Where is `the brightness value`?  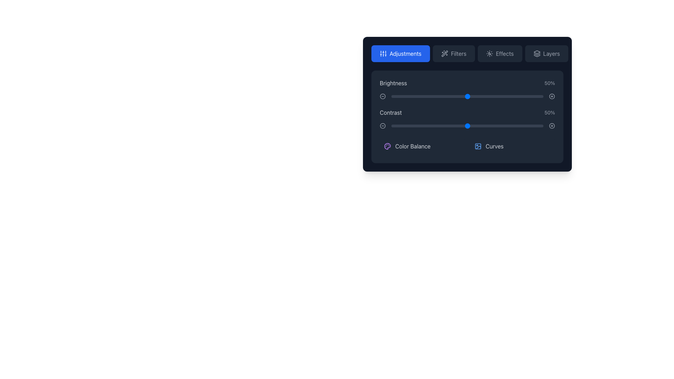
the brightness value is located at coordinates (449, 96).